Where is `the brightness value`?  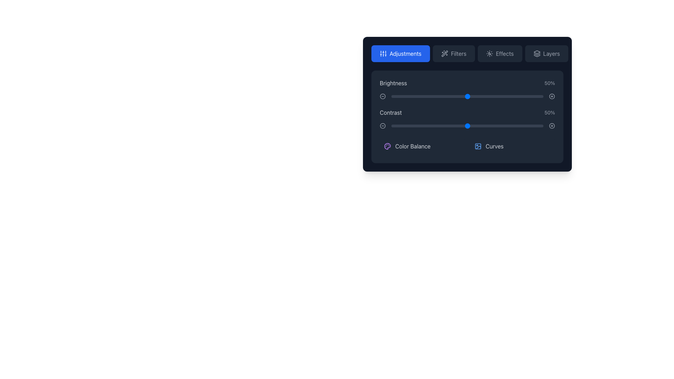
the brightness value is located at coordinates (449, 96).